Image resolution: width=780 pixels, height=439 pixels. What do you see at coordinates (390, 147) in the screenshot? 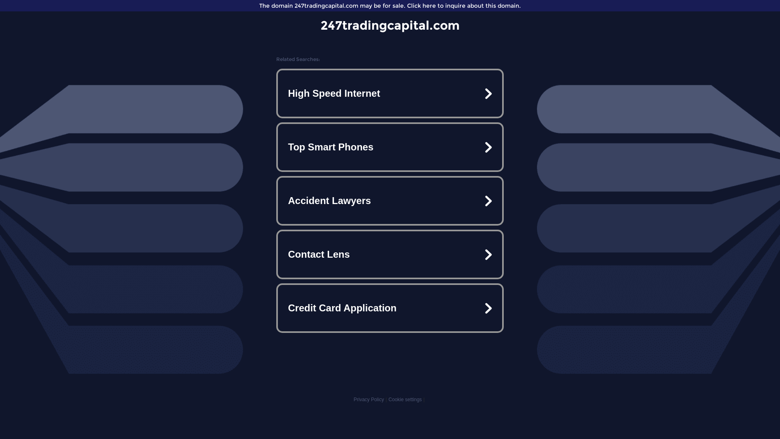
I see `'Top Smart Phones'` at bounding box center [390, 147].